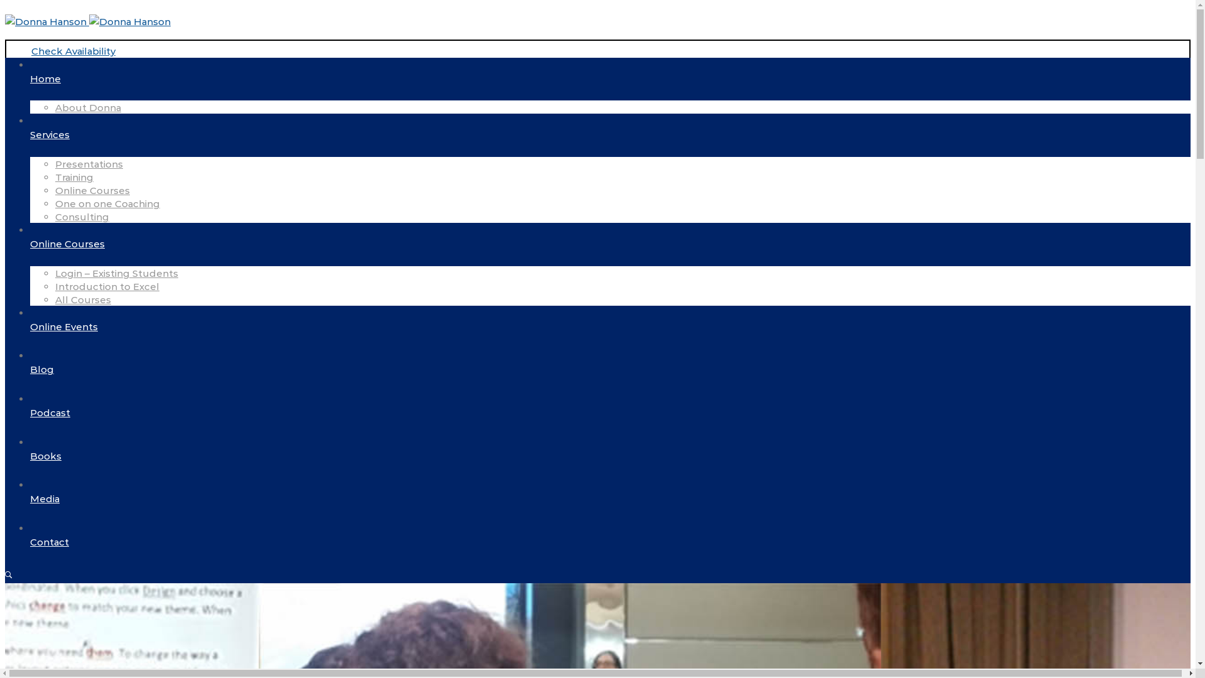  I want to click on 'Presentations', so click(623, 164).